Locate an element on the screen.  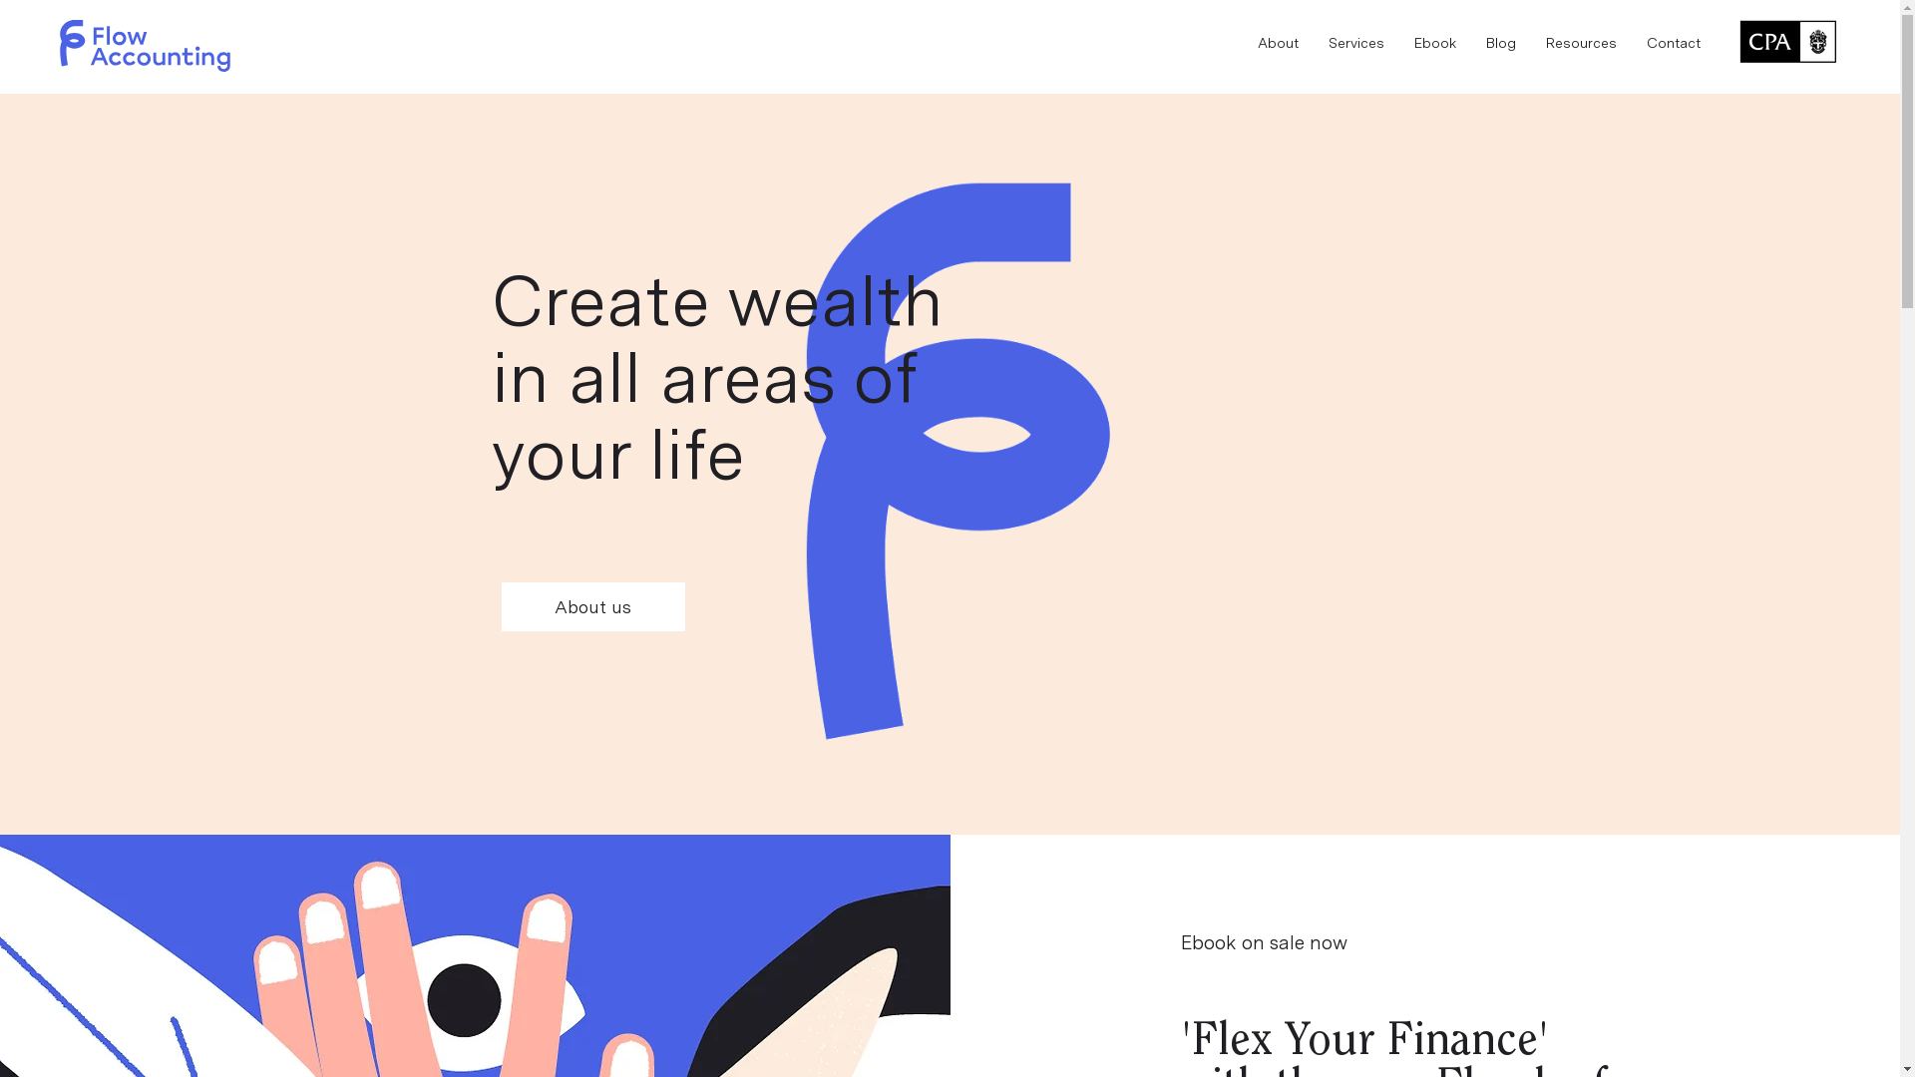
'Contact' is located at coordinates (1674, 43).